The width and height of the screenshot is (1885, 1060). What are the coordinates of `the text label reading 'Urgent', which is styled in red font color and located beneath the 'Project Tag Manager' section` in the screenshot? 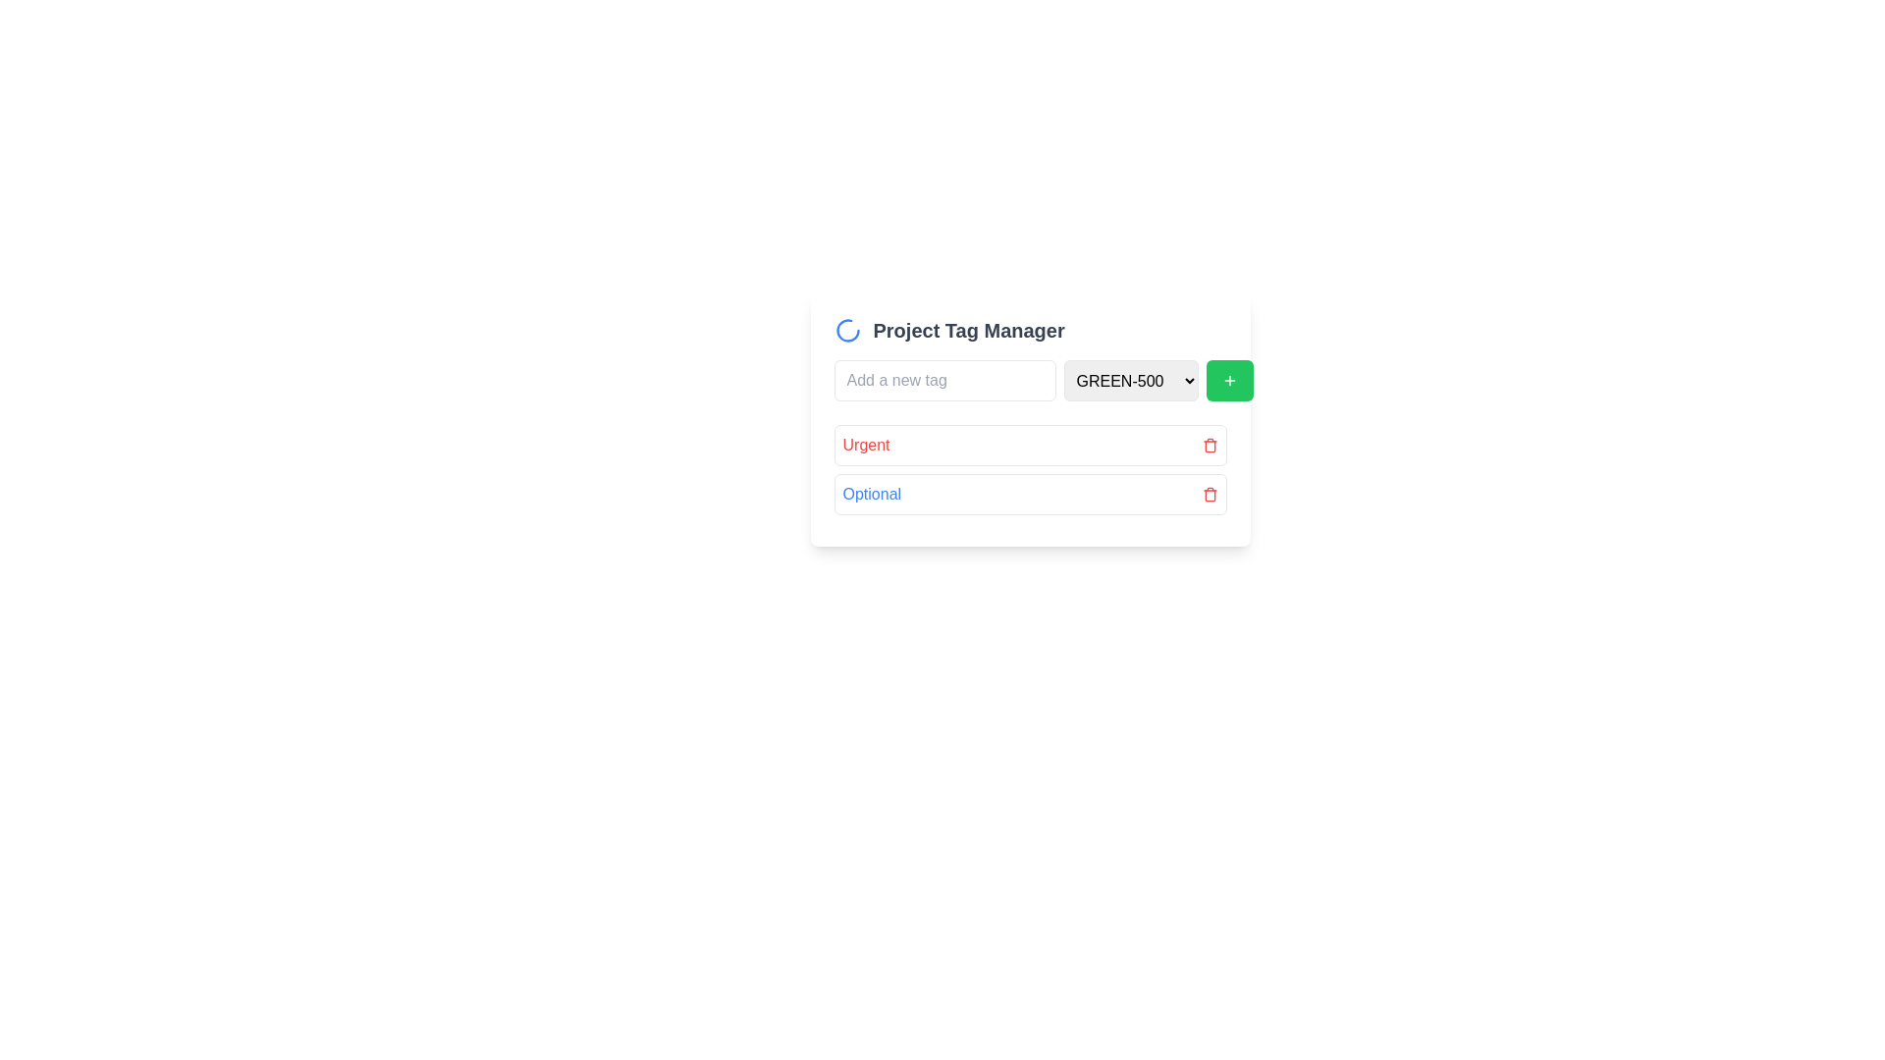 It's located at (865, 446).